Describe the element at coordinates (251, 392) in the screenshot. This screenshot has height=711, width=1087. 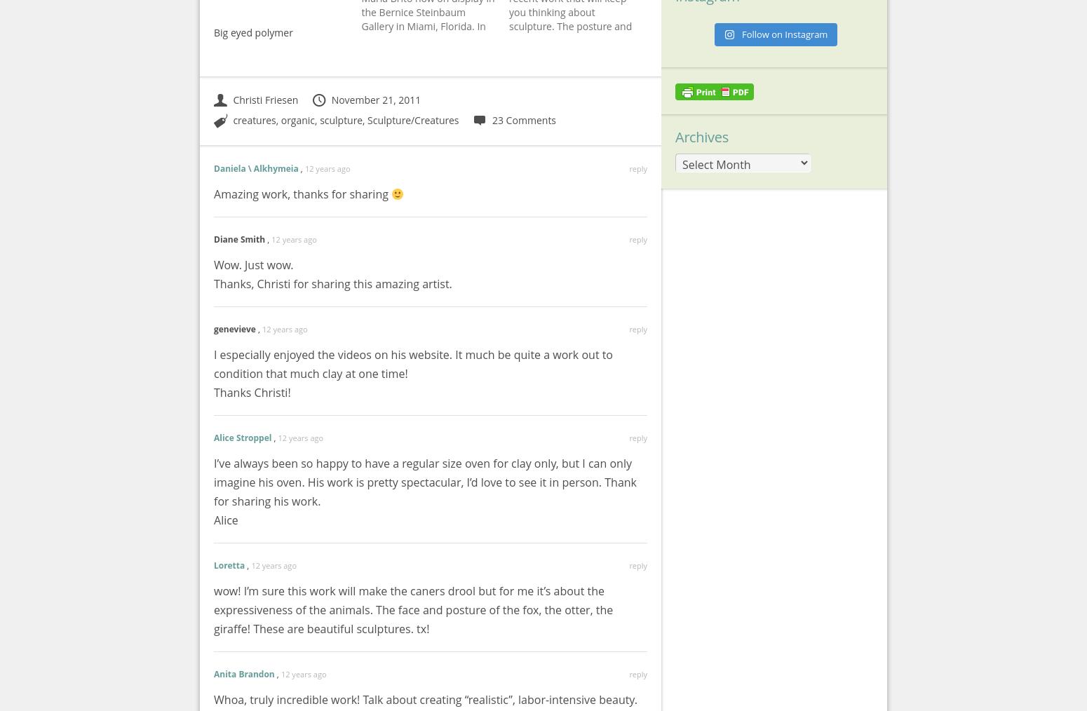
I see `'Thanks Christi!'` at that location.